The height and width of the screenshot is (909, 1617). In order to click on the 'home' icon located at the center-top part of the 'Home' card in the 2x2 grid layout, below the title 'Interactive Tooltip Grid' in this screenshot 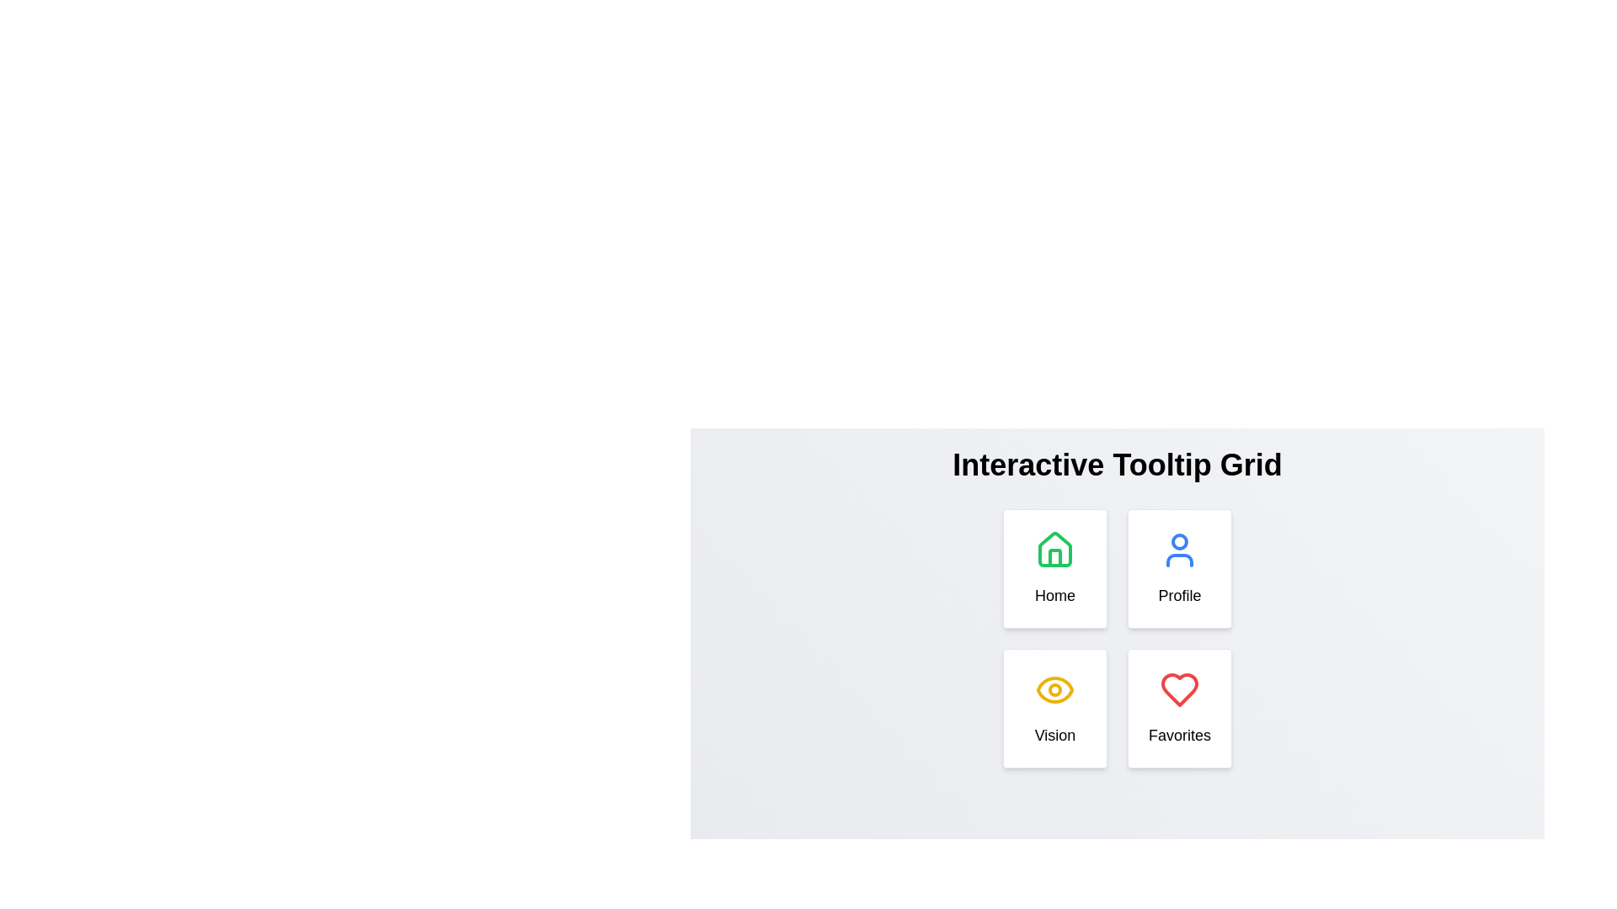, I will do `click(1054, 550)`.